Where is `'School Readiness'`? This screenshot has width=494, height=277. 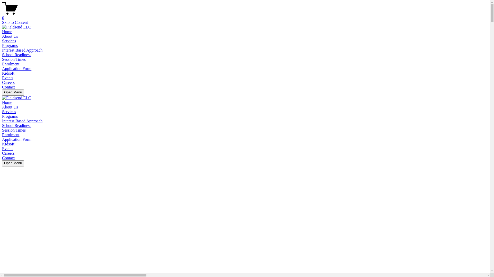 'School Readiness' is located at coordinates (16, 55).